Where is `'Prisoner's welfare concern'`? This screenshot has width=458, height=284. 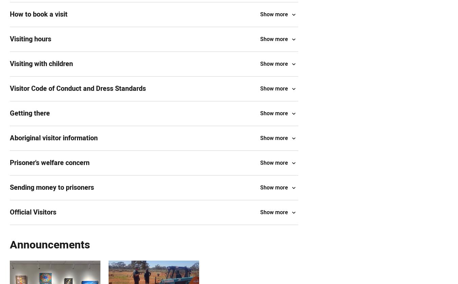 'Prisoner's welfare concern' is located at coordinates (9, 163).